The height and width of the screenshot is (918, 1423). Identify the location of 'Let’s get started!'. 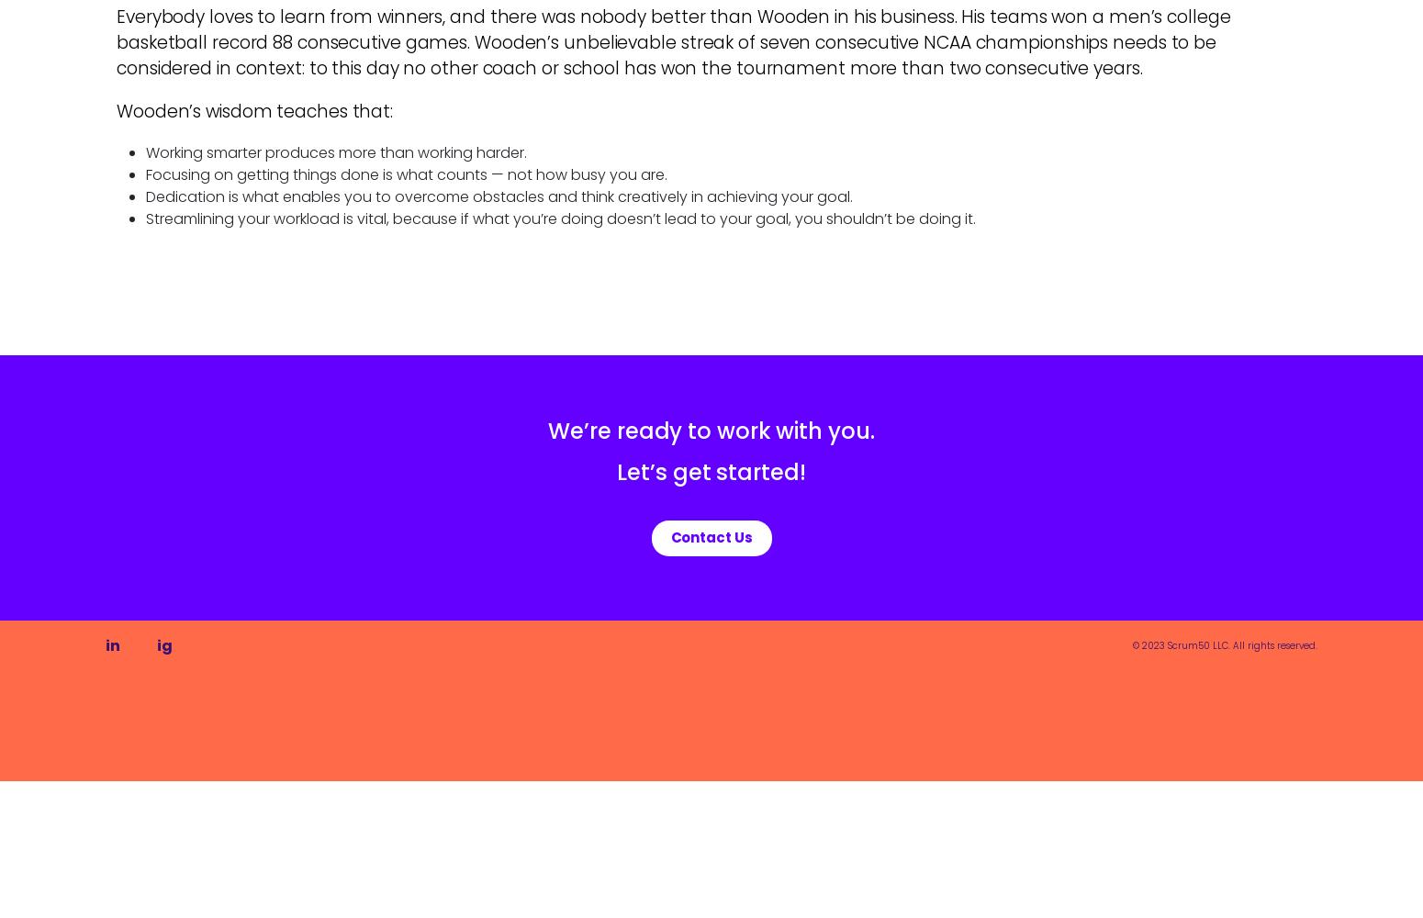
(711, 472).